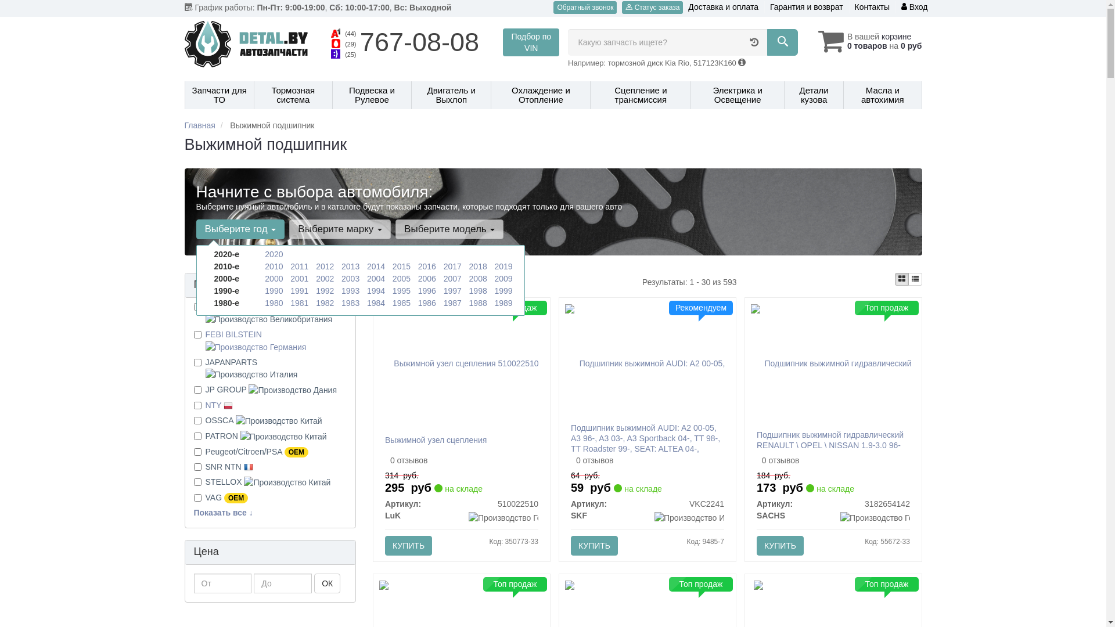 This screenshot has width=1115, height=627. Describe the element at coordinates (503, 290) in the screenshot. I see `'1999'` at that location.